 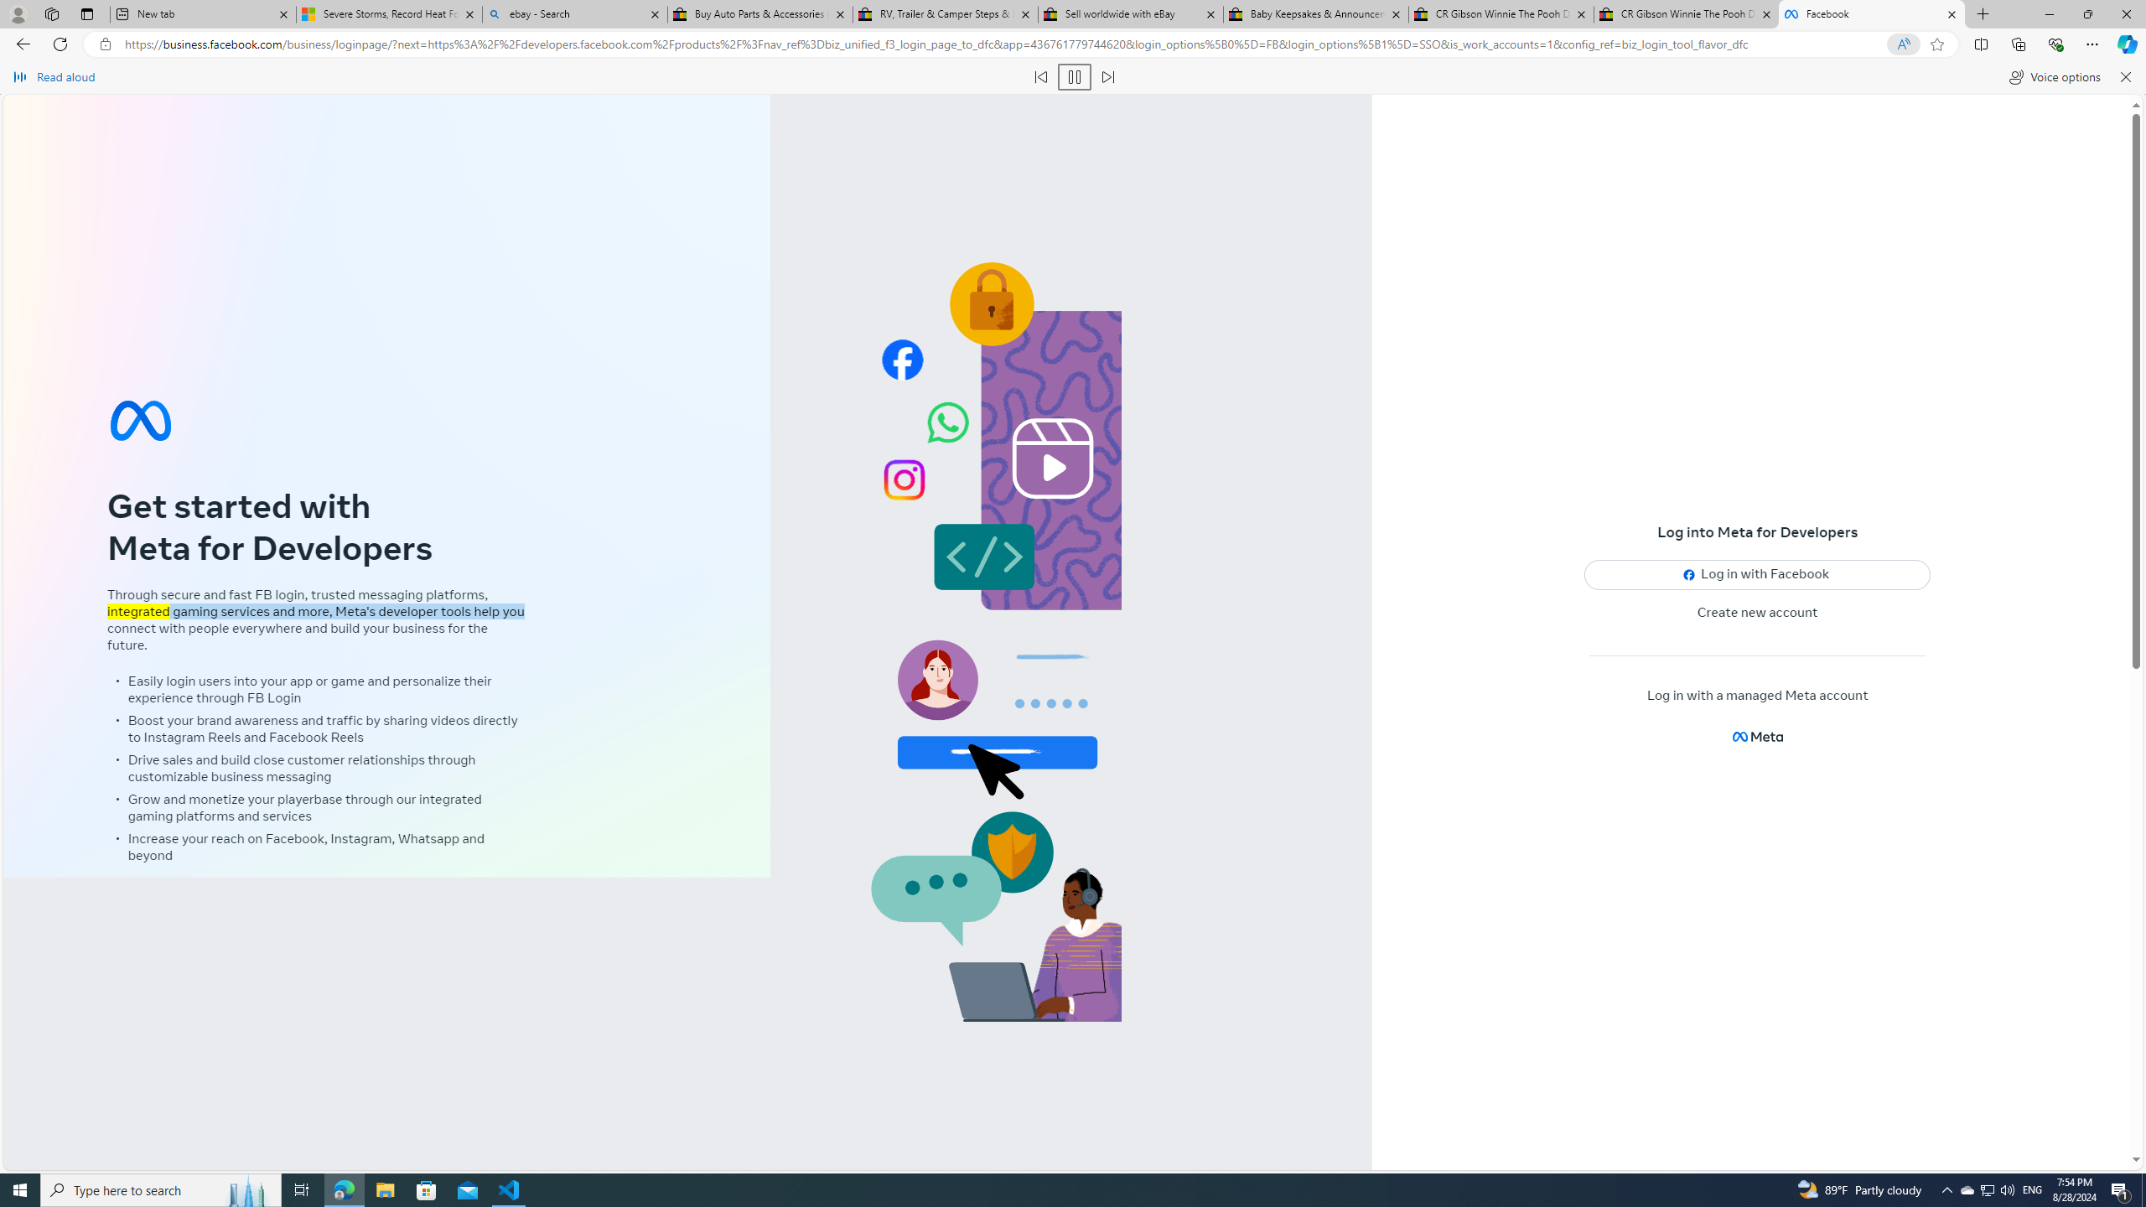 What do you see at coordinates (1756, 696) in the screenshot?
I see `'Log in with a managed Meta account'` at bounding box center [1756, 696].